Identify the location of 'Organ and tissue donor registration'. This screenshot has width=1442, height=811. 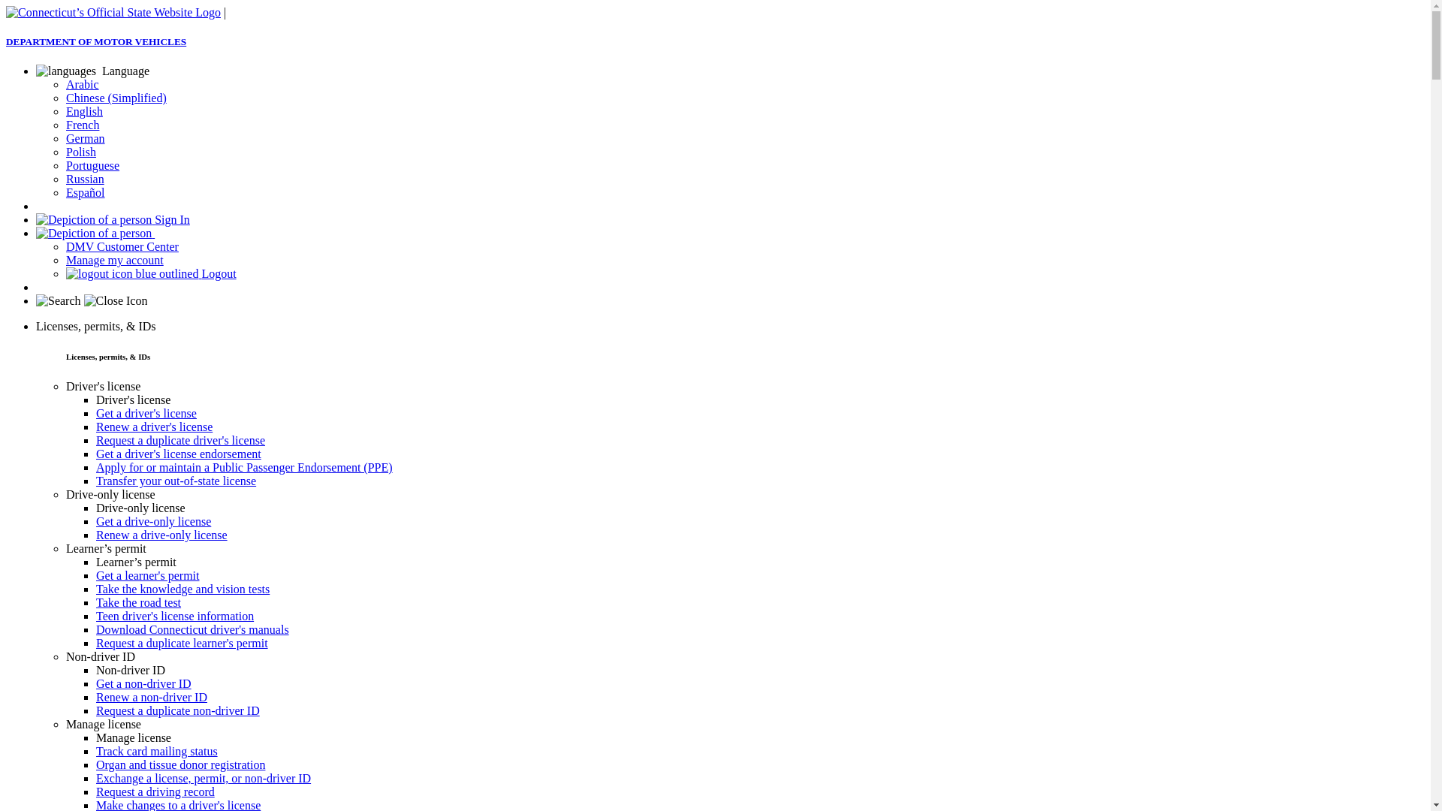
(180, 764).